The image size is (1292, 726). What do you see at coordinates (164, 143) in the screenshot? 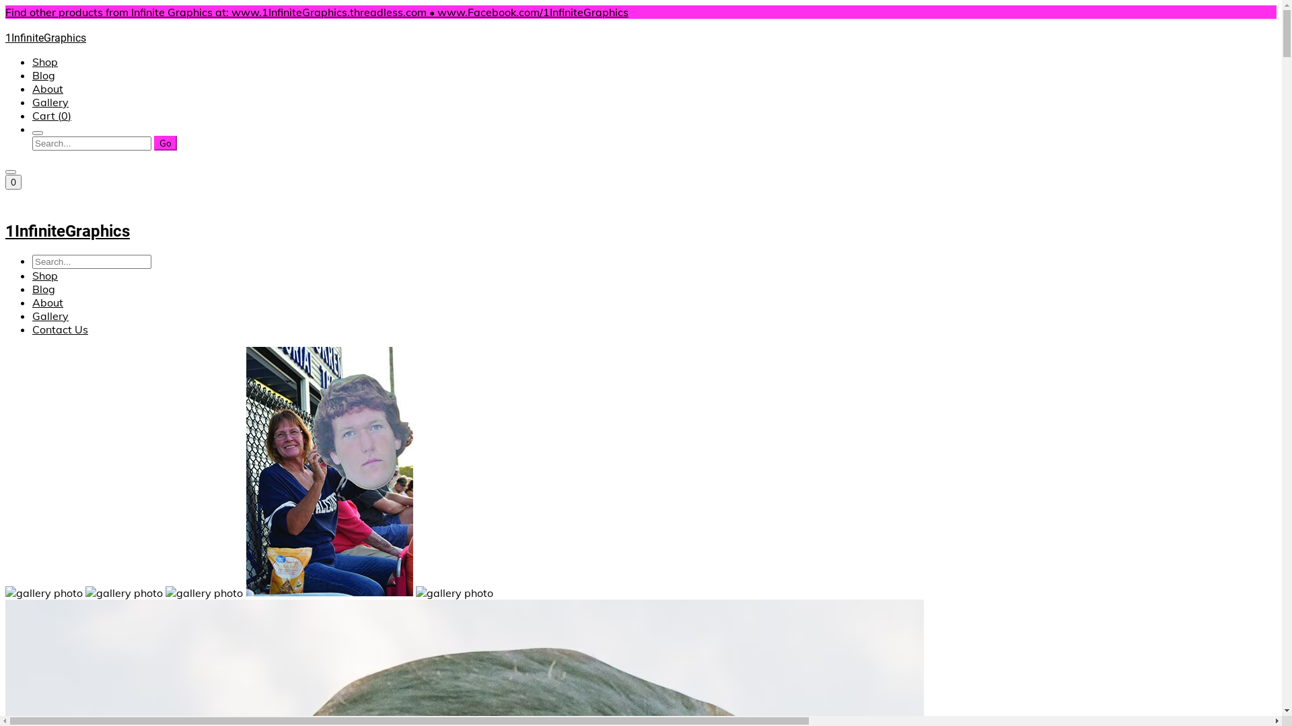
I see `'Go'` at bounding box center [164, 143].